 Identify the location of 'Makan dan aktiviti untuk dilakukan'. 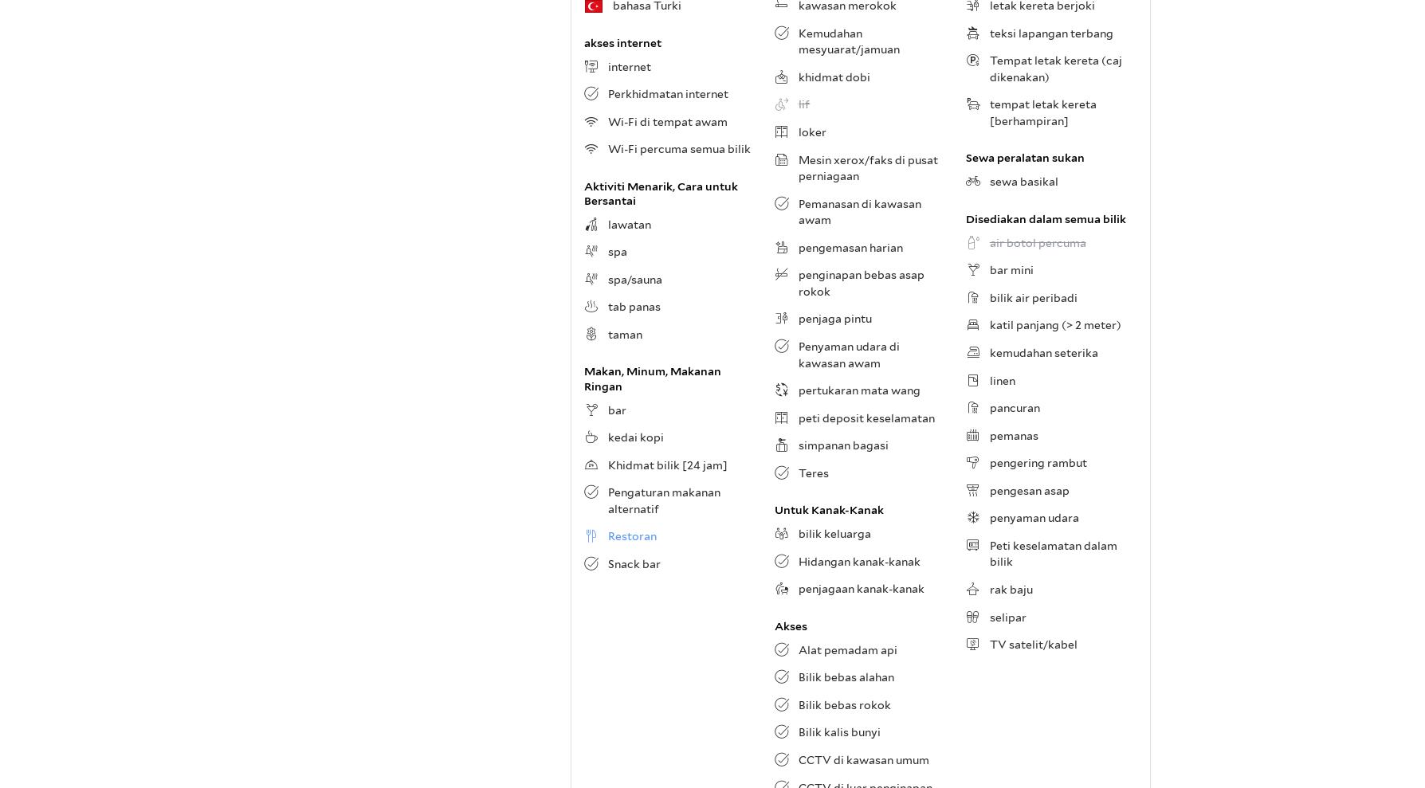
(679, 178).